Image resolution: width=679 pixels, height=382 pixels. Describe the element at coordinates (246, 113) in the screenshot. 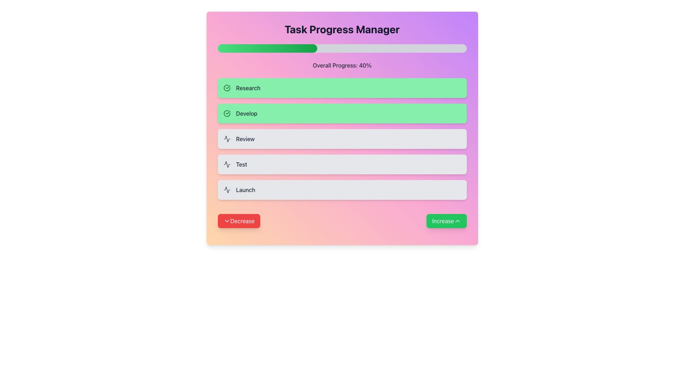

I see `the text label containing the word 'Develop', styled with a medium font weight and gray color, located on a green background box beneath 'Research' and above 'Review'` at that location.